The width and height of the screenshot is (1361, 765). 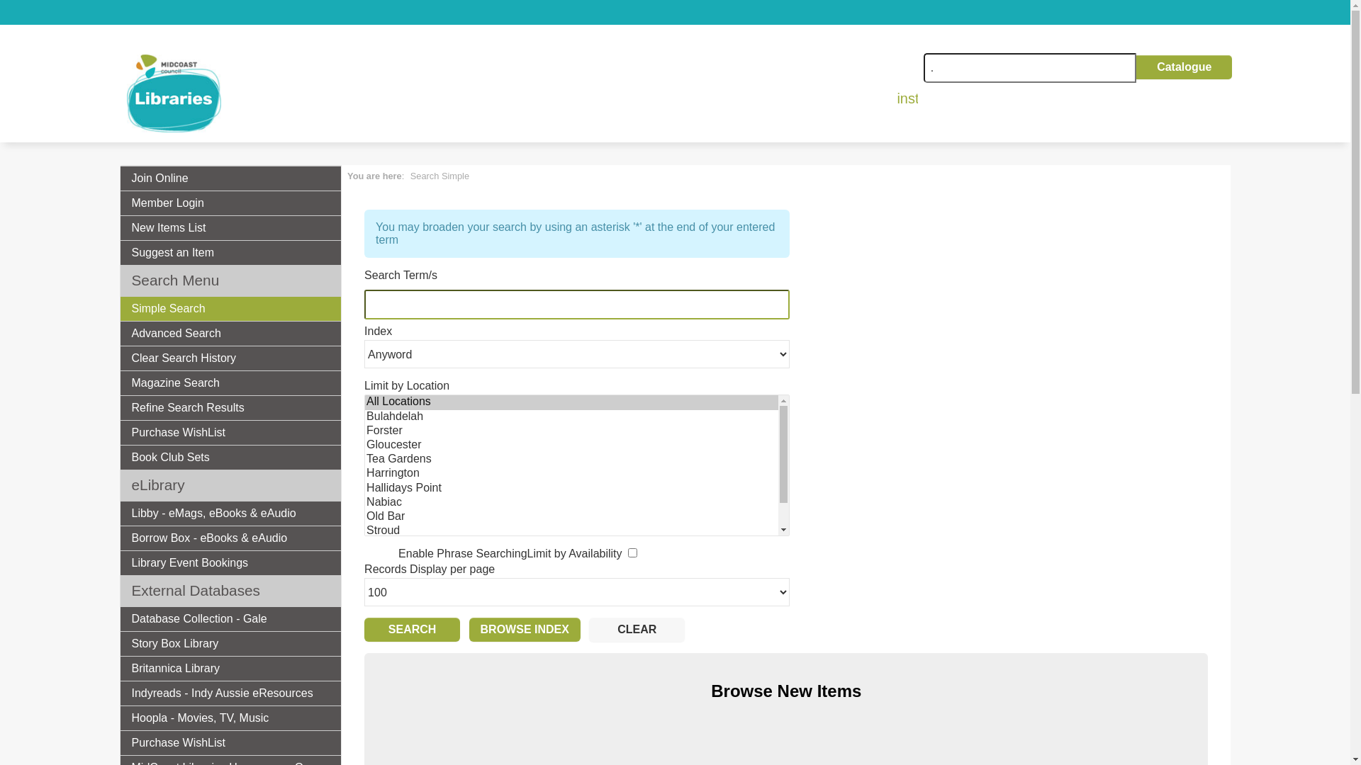 What do you see at coordinates (231, 307) in the screenshot?
I see `'Simple Search'` at bounding box center [231, 307].